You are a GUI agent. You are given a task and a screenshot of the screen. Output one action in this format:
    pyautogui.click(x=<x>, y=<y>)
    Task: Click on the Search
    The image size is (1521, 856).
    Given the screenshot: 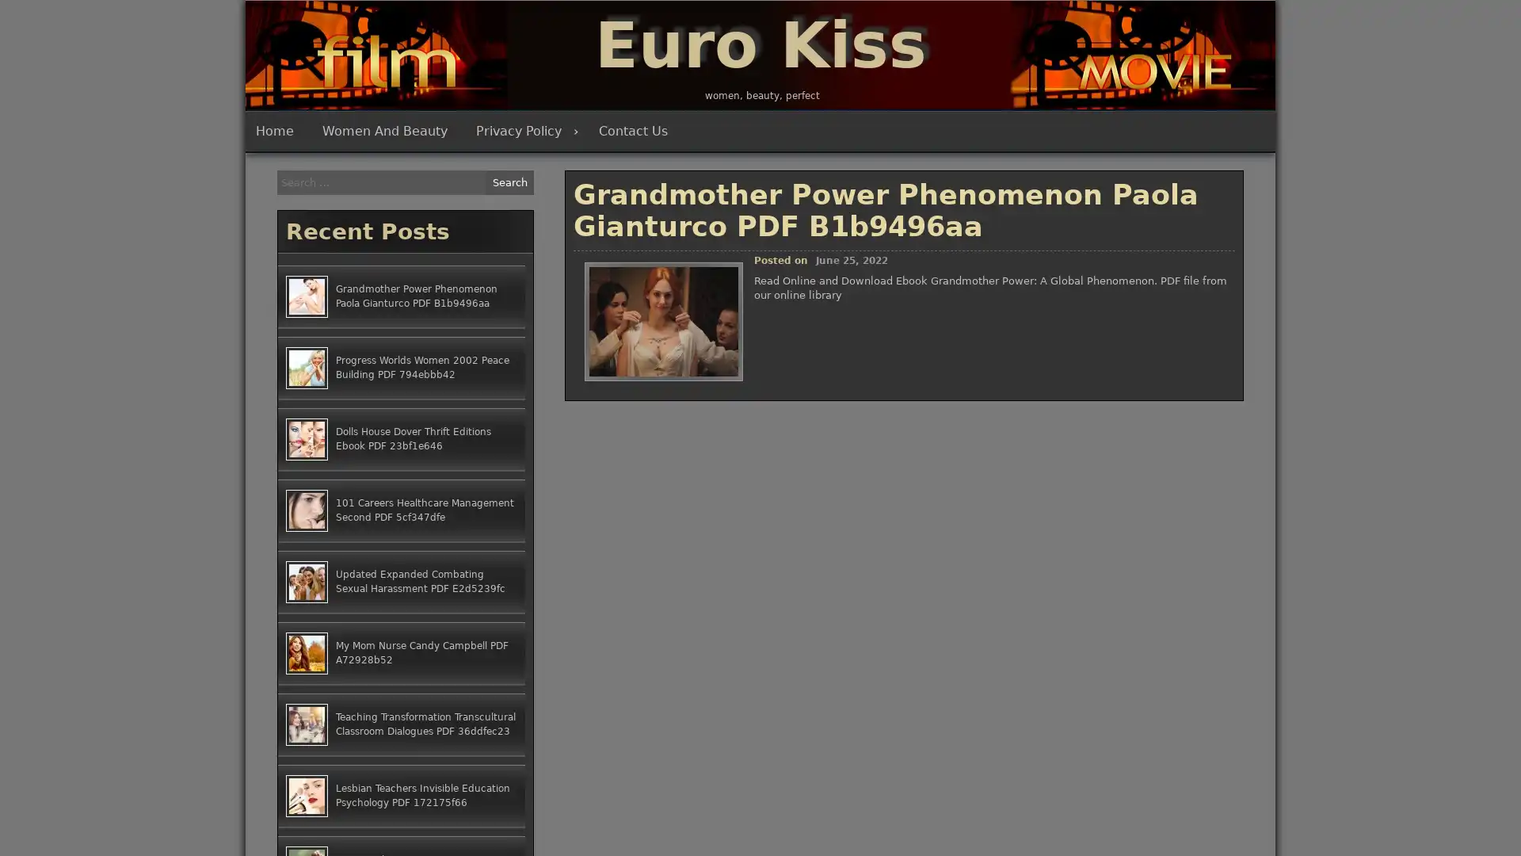 What is the action you would take?
    pyautogui.click(x=509, y=182)
    